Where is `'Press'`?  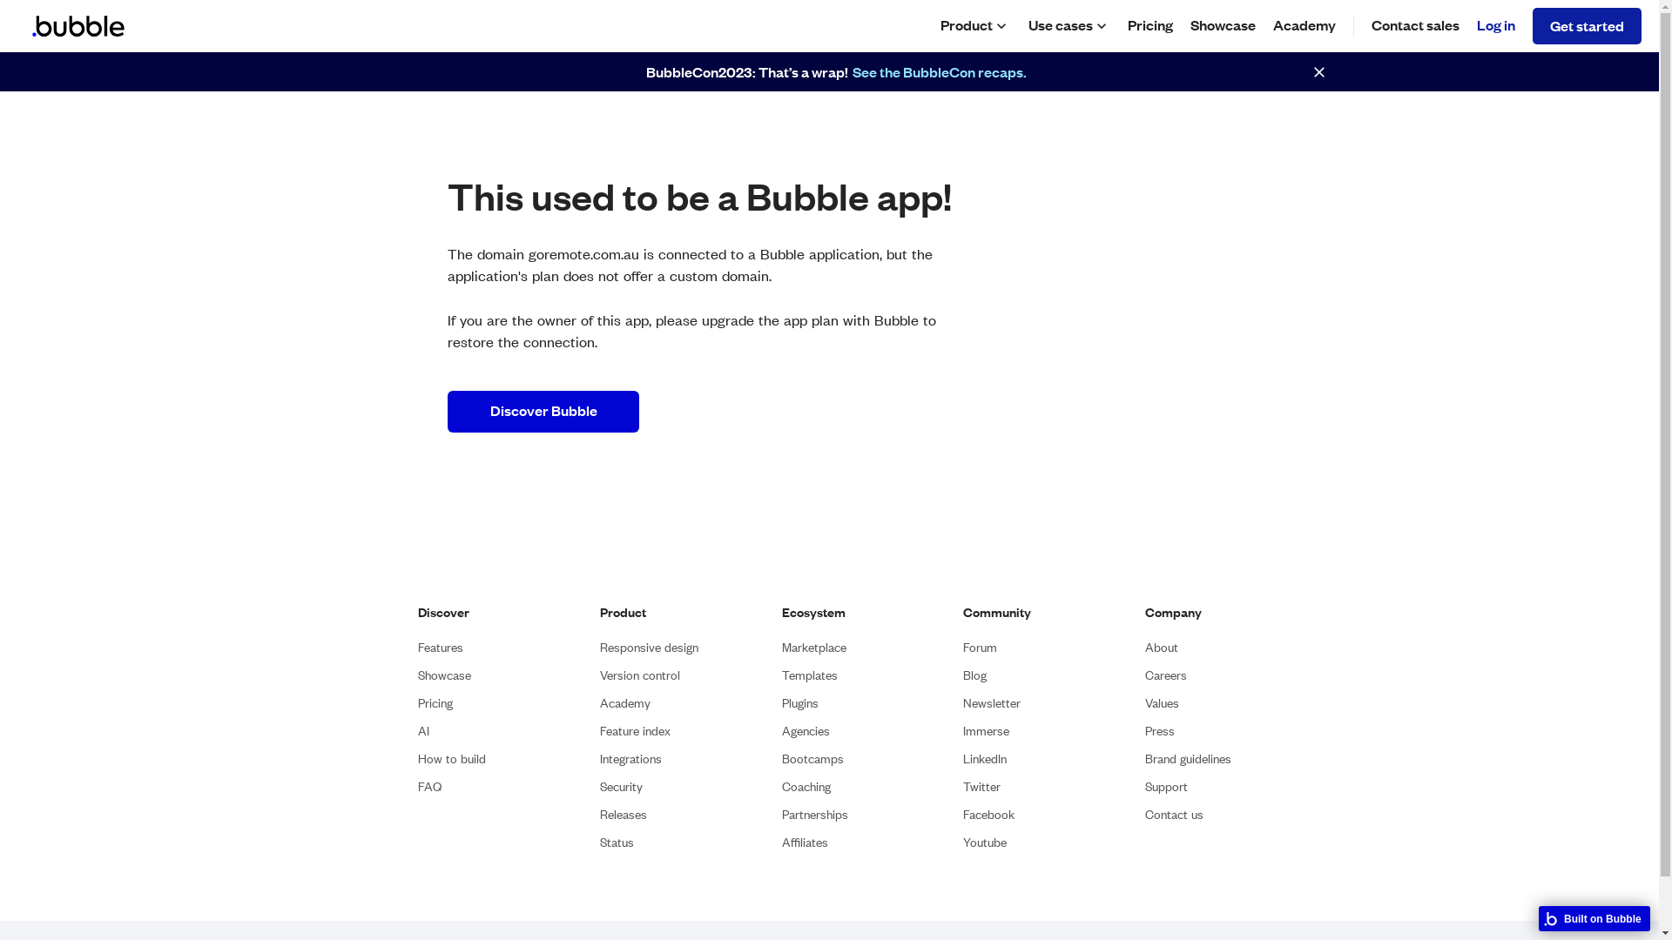
'Press' is located at coordinates (1145, 730).